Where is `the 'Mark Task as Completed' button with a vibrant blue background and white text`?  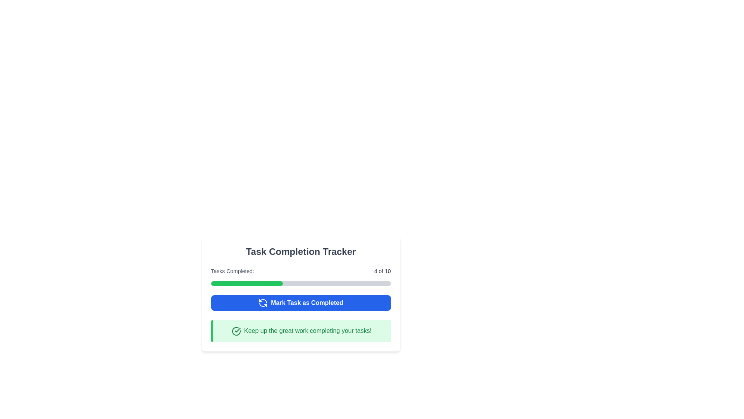 the 'Mark Task as Completed' button with a vibrant blue background and white text is located at coordinates (300, 302).